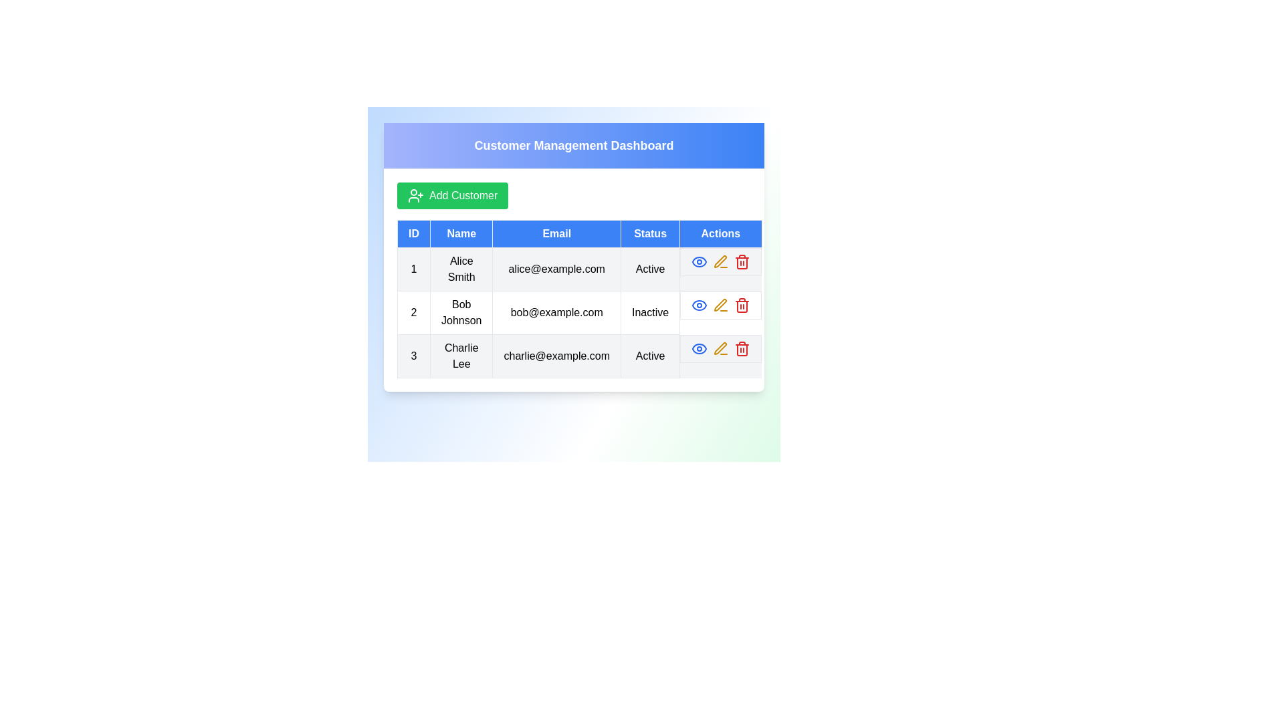 This screenshot has height=722, width=1284. What do you see at coordinates (413, 233) in the screenshot?
I see `the column header ID to sort the data` at bounding box center [413, 233].